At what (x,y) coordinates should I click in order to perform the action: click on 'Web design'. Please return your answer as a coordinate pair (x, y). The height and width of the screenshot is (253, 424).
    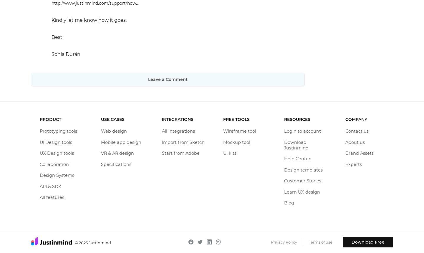
    Looking at the image, I should click on (113, 131).